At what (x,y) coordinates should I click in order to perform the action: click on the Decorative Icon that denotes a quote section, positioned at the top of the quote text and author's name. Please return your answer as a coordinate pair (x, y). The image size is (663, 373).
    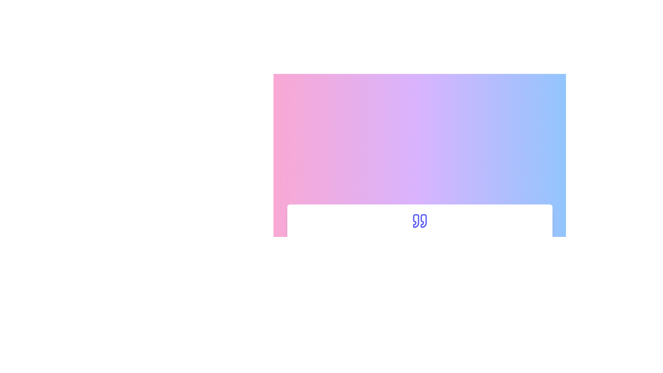
    Looking at the image, I should click on (419, 221).